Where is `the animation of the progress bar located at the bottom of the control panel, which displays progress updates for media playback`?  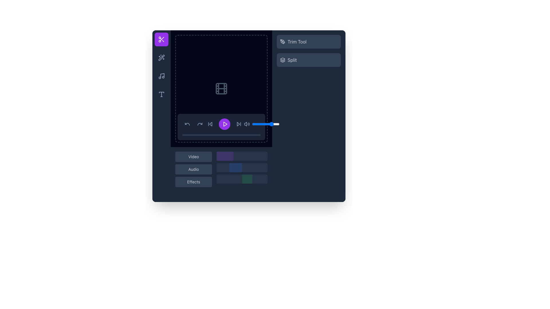
the animation of the progress bar located at the bottom of the control panel, which displays progress updates for media playback is located at coordinates (221, 135).